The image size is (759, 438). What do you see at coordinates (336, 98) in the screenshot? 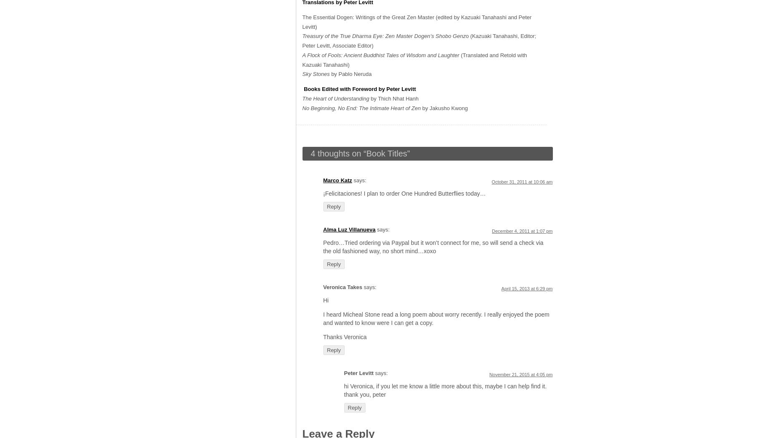
I see `'The Heart of Understanding'` at bounding box center [336, 98].